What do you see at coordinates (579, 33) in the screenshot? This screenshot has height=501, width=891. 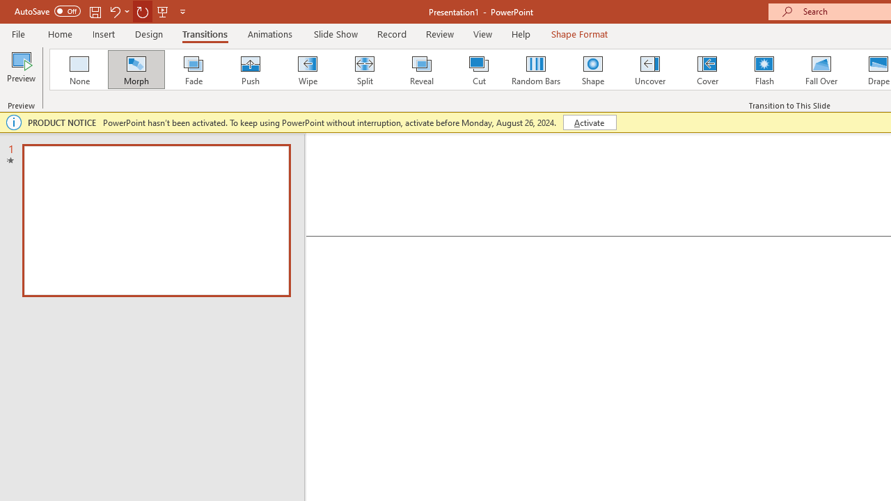 I see `'Shape Format'` at bounding box center [579, 33].